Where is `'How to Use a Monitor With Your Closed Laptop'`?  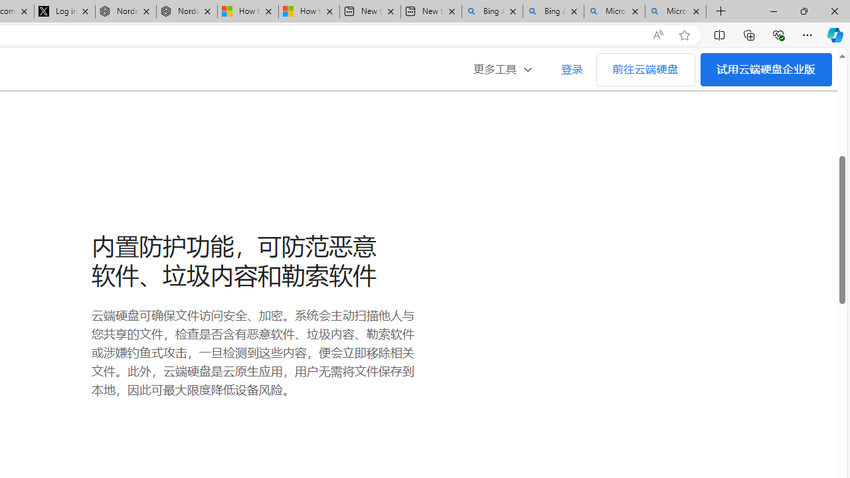
'How to Use a Monitor With Your Closed Laptop' is located at coordinates (308, 11).